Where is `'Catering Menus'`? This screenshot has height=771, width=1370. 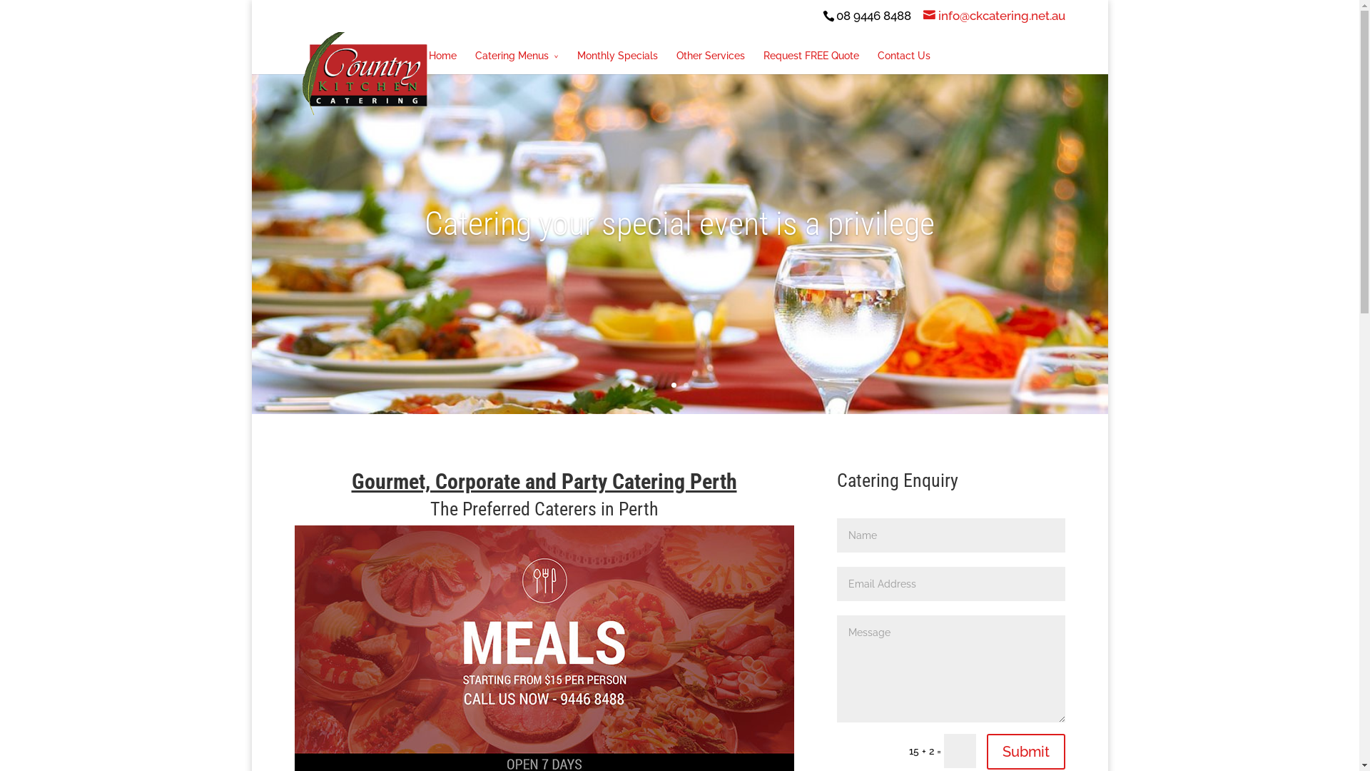 'Catering Menus' is located at coordinates (516, 60).